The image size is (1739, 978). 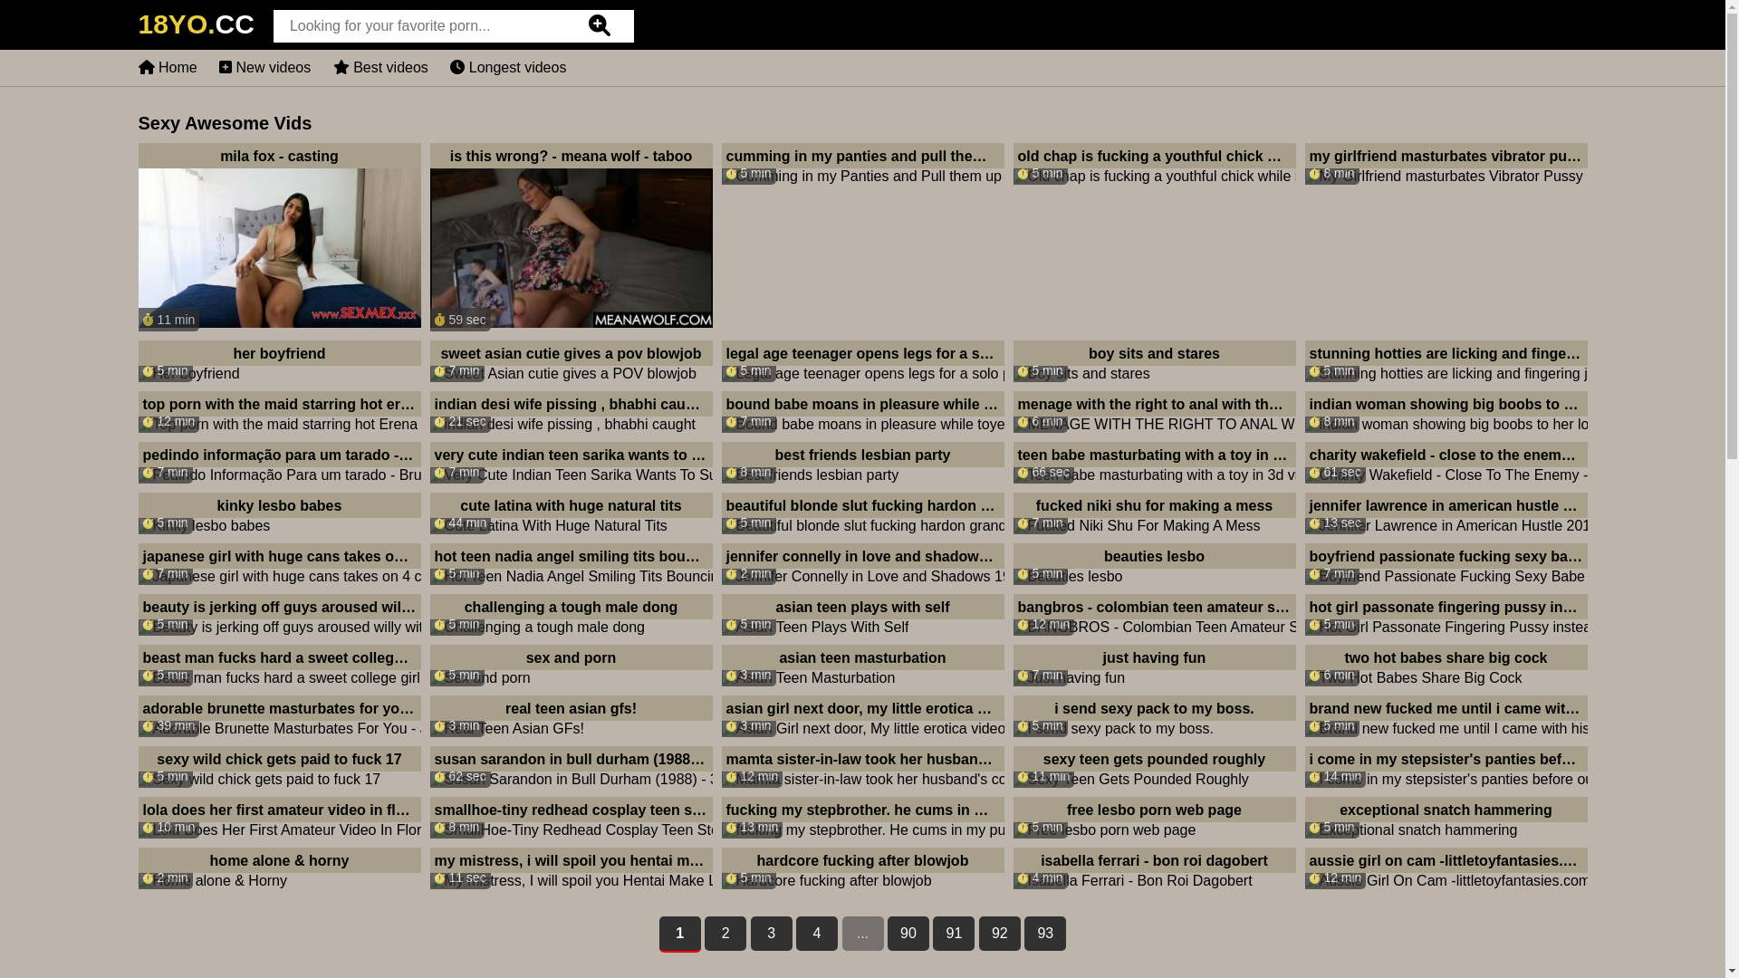 I want to click on '5 min, so click(x=569, y=613).